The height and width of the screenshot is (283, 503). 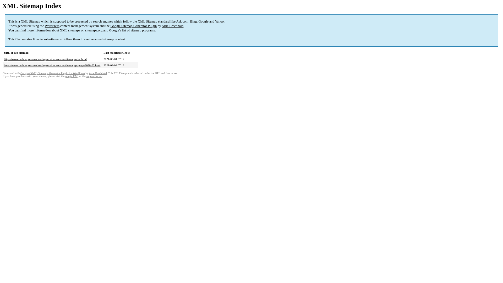 I want to click on 'list of sitemap programs', so click(x=138, y=30).